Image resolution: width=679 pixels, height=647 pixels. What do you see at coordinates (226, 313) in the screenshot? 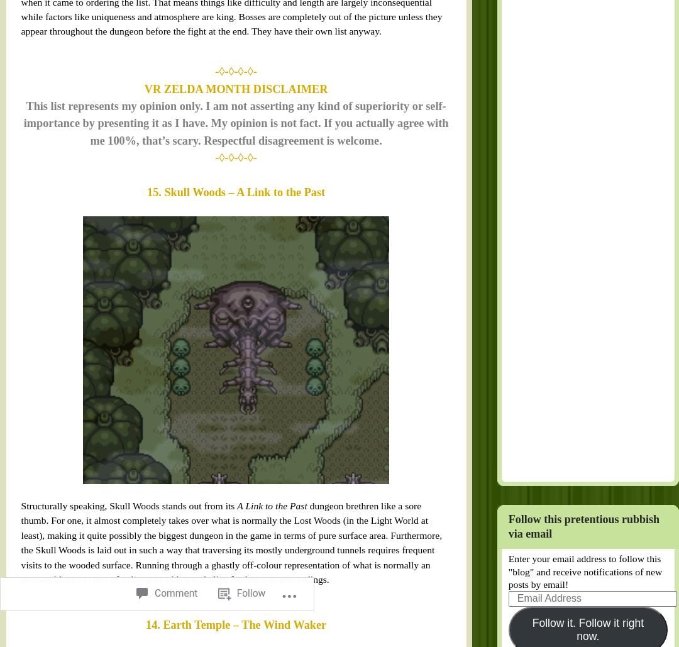
I see `'A Link to the Past'` at bounding box center [226, 313].